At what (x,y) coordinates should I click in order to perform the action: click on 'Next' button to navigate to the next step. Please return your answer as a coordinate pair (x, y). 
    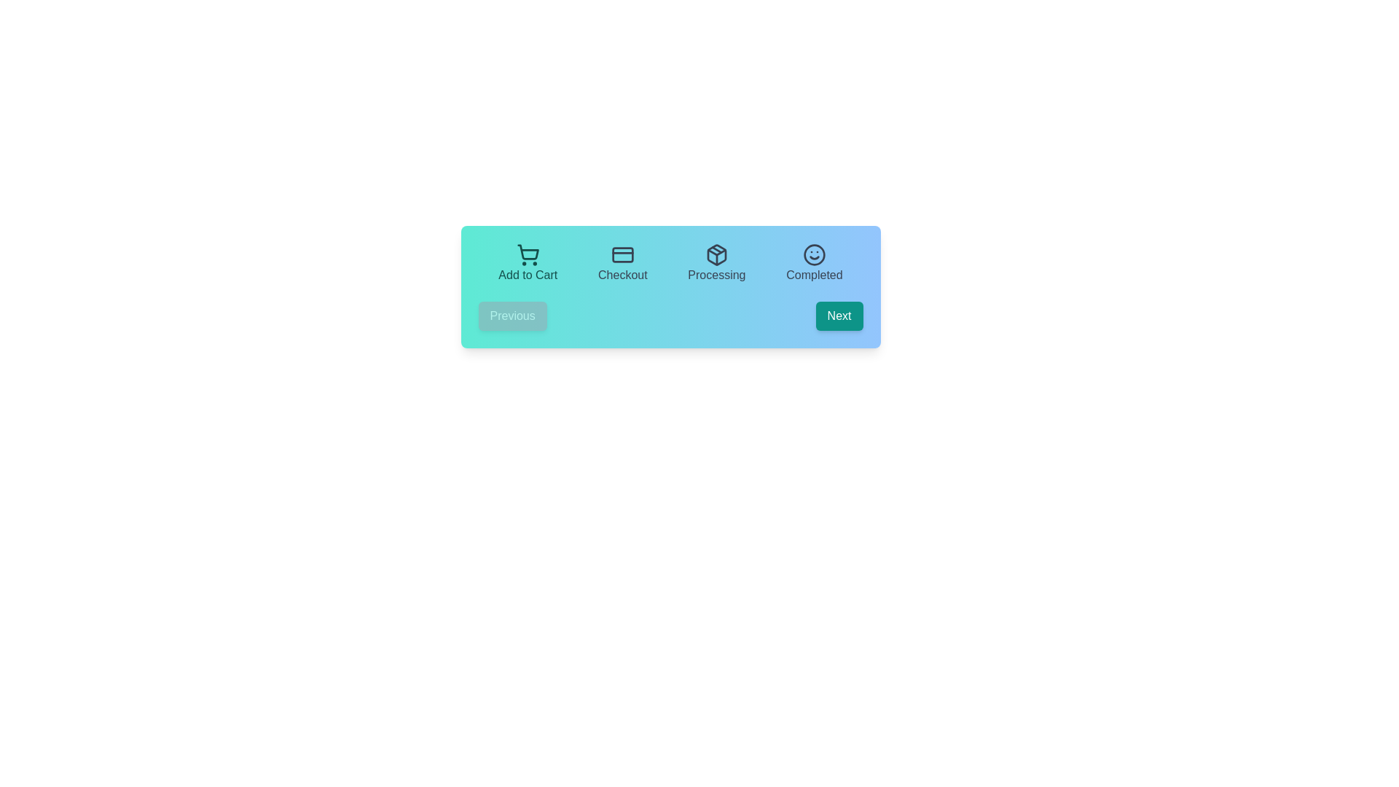
    Looking at the image, I should click on (839, 316).